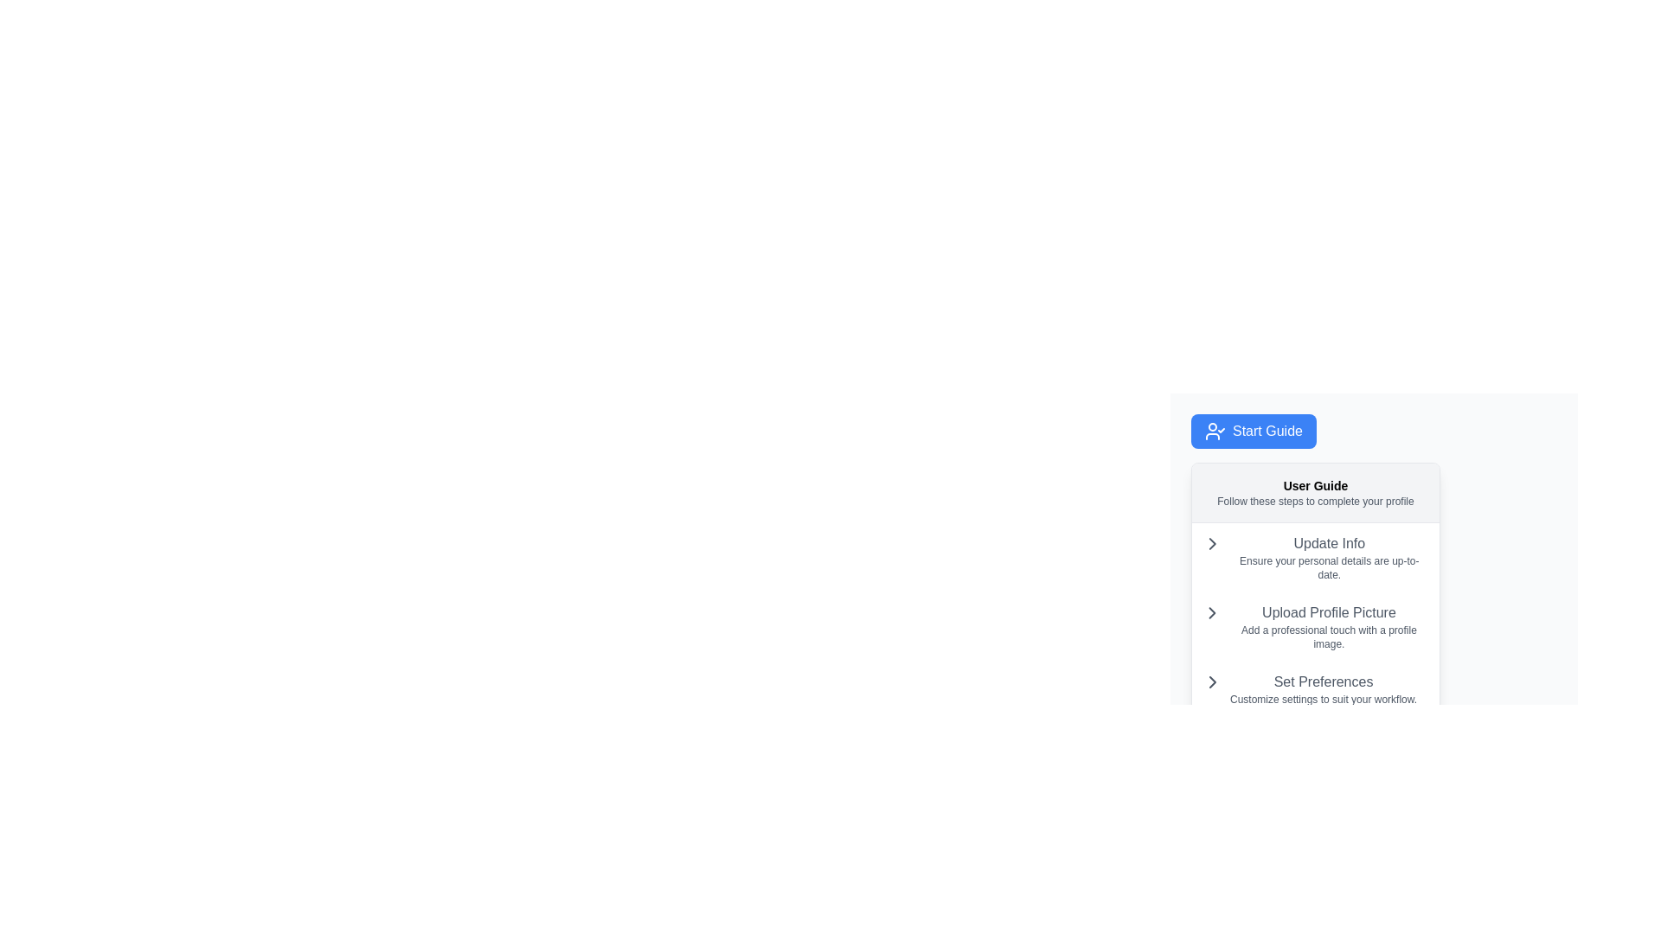 This screenshot has width=1661, height=934. Describe the element at coordinates (1315, 688) in the screenshot. I see `the third interactive button in the list under the 'User Guide' header to trigger hover effects` at that location.